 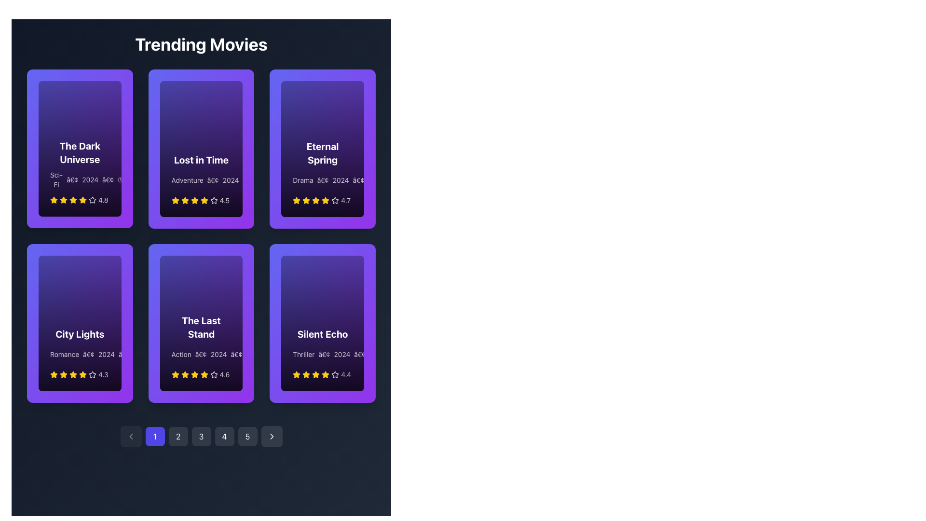 I want to click on the circular gradient purple button with a white triangular 'play' symbol located at the upper-right corner of the 'Lost in Time' card to initiate video playback, so click(x=238, y=89).